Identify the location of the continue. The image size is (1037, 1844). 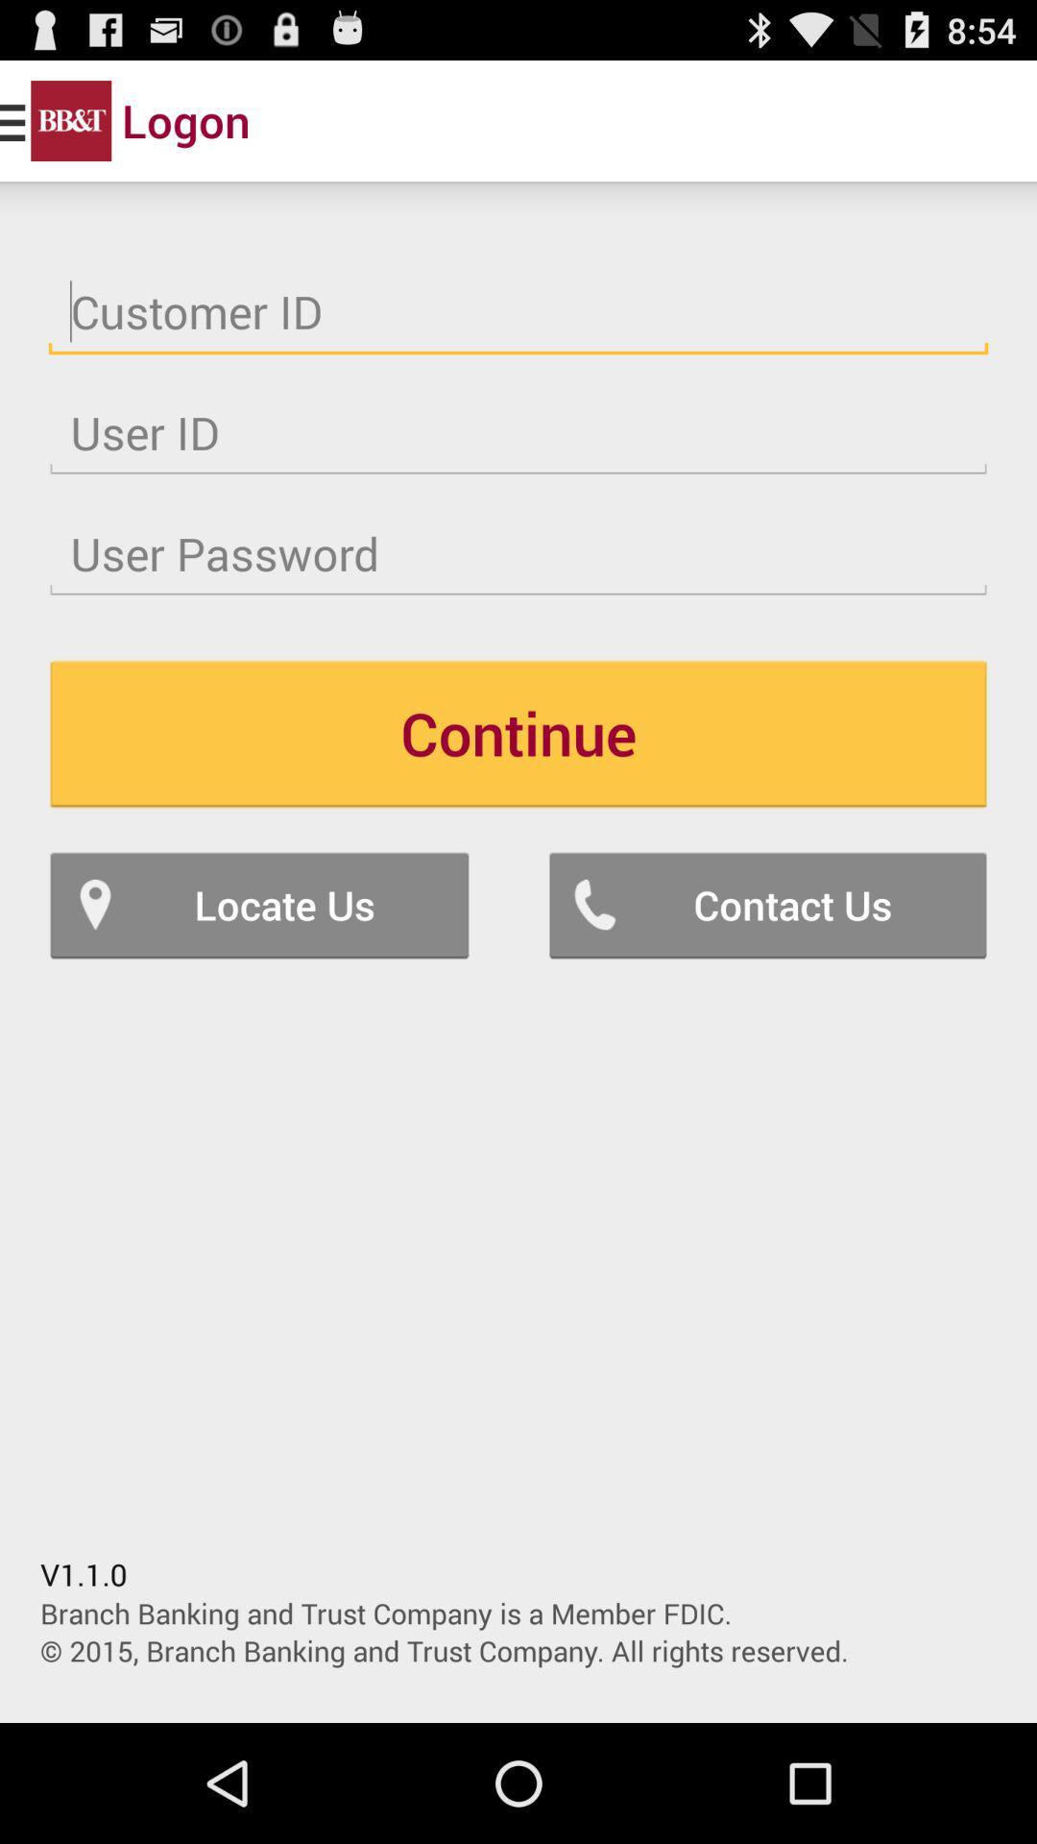
(518, 732).